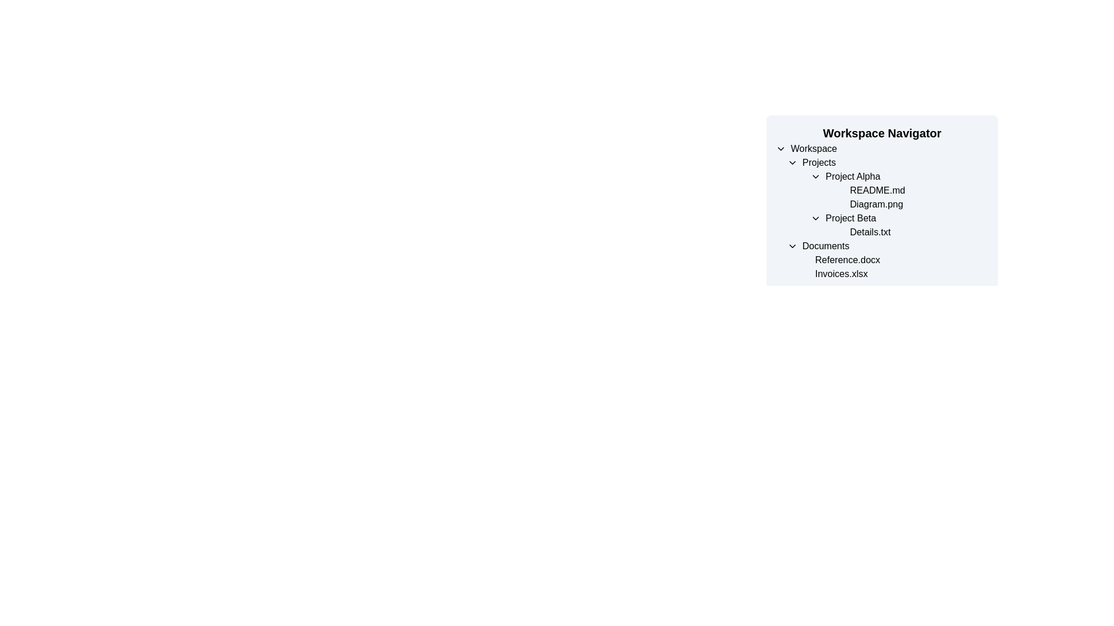 The image size is (1114, 626). What do you see at coordinates (815, 219) in the screenshot?
I see `the downward-facing chevron icon adjacent to 'Project Beta'` at bounding box center [815, 219].